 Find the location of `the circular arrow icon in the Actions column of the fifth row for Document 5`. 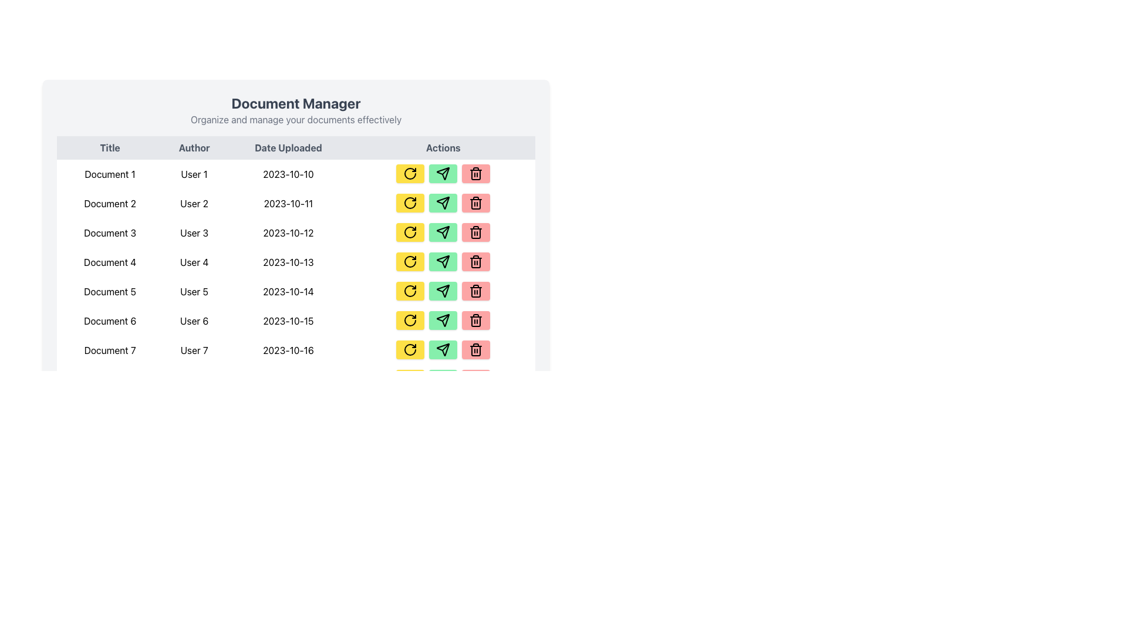

the circular arrow icon in the Actions column of the fifth row for Document 5 is located at coordinates (410, 291).